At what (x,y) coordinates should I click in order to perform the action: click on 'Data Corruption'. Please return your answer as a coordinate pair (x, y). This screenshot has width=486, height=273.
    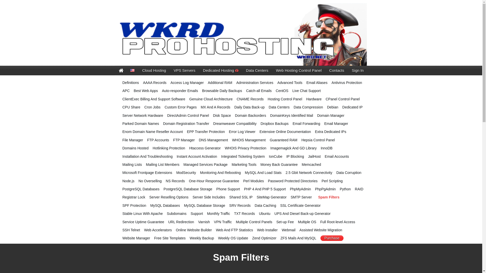
    Looking at the image, I should click on (336, 172).